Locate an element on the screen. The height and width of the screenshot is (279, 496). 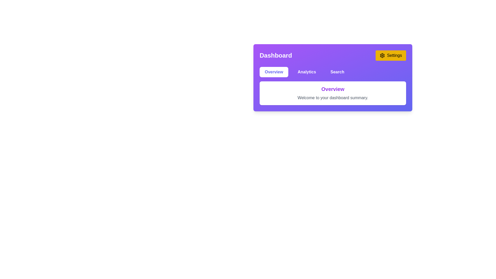
the 'Settings' button, which is a rectangular button with rounded corners, yellow background, and black text, located at the top-right of the layout is located at coordinates (391, 56).